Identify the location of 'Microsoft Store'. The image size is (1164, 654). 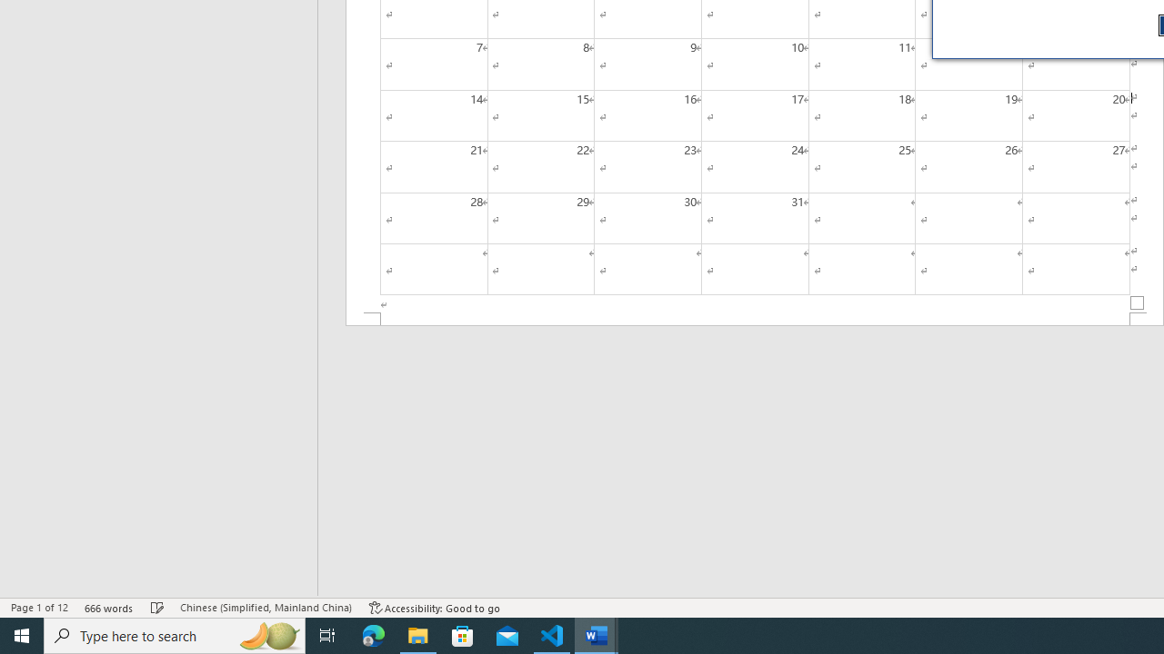
(463, 634).